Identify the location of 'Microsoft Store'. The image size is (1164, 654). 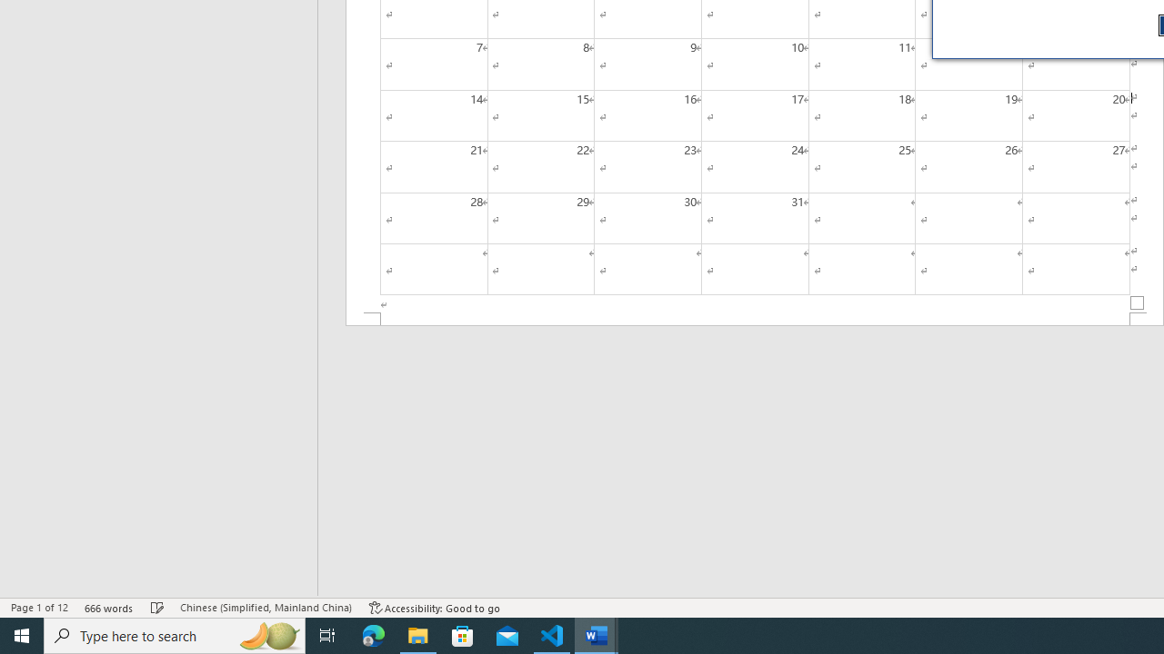
(463, 634).